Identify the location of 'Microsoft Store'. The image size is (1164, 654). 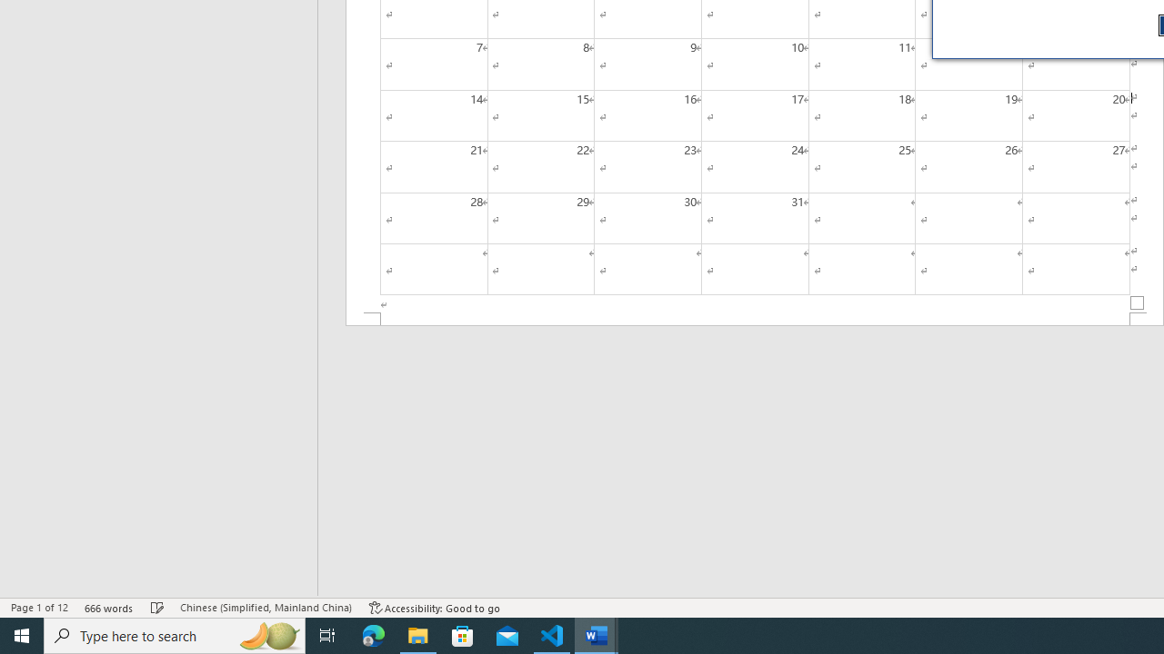
(463, 634).